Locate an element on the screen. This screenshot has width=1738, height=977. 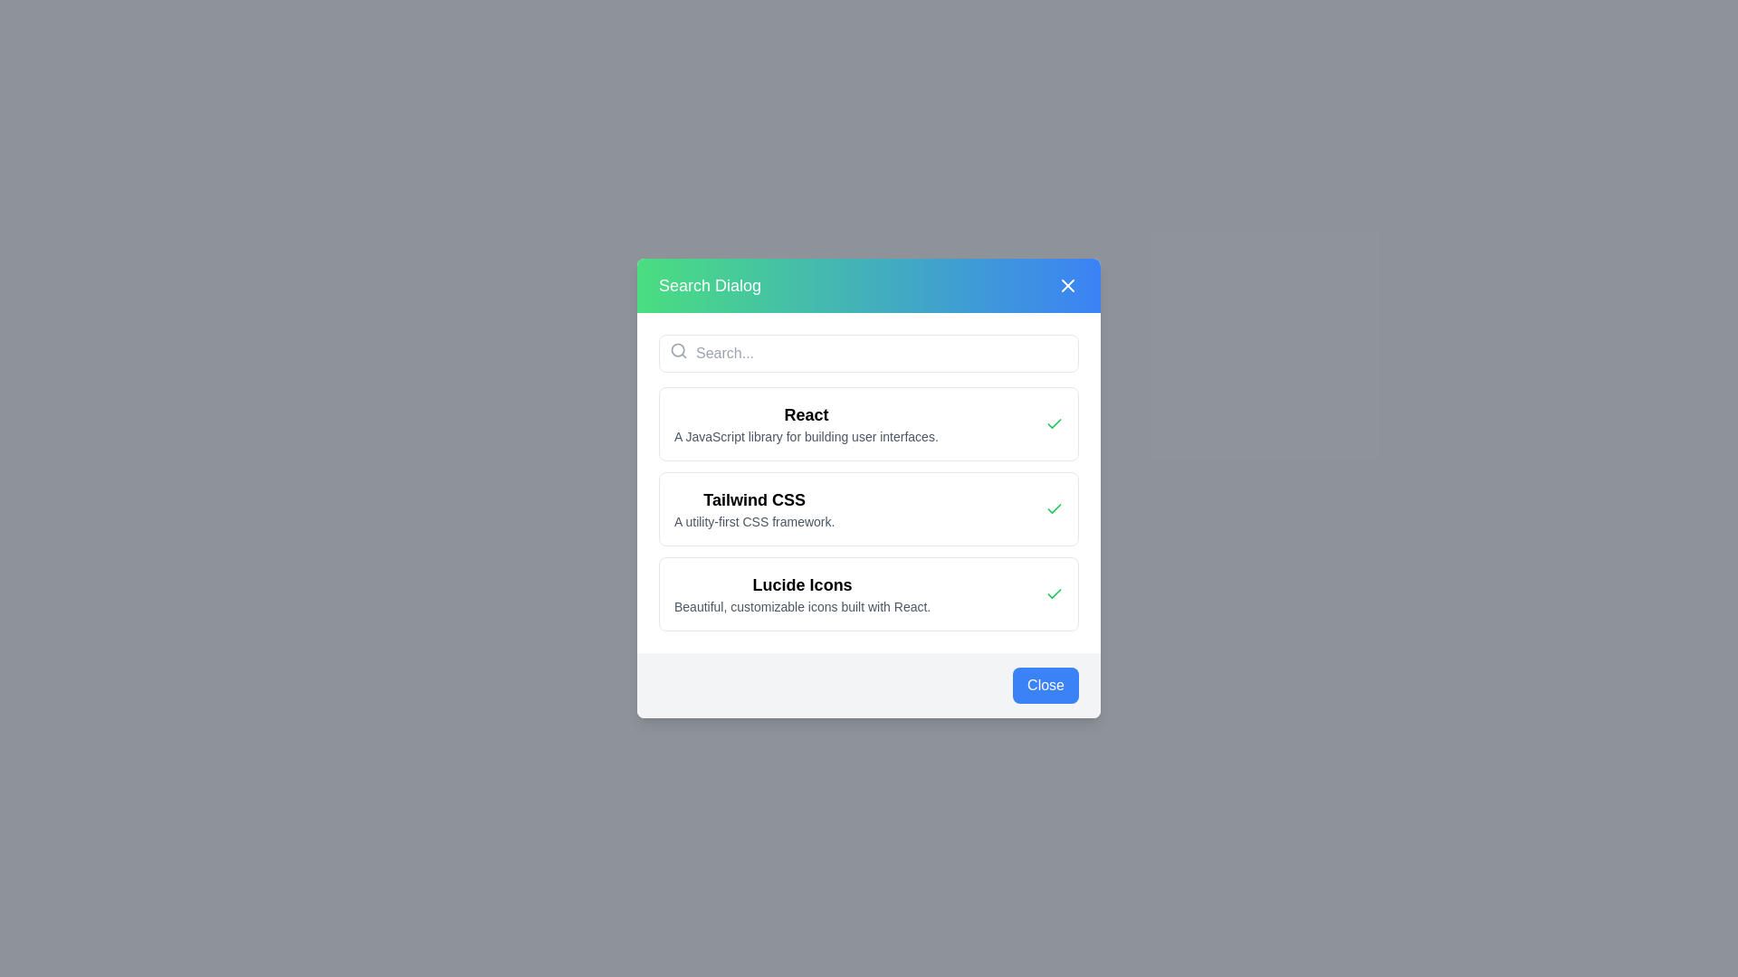
to select the List item labeled 'Tailwind CSS' which is the second option in the modal titled 'Search Dialog' is located at coordinates (869, 509).